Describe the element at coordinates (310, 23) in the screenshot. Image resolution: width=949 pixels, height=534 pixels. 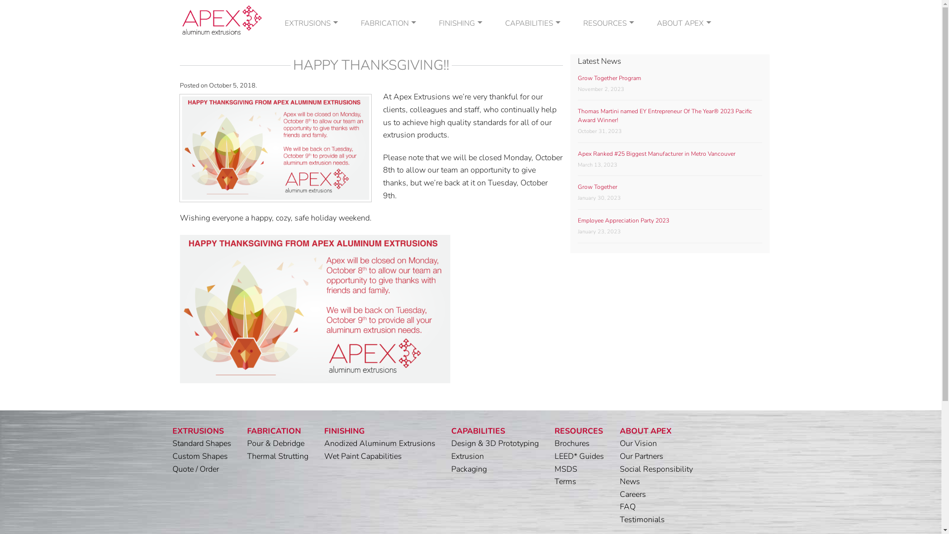
I see `'EXTRUSIONS'` at that location.